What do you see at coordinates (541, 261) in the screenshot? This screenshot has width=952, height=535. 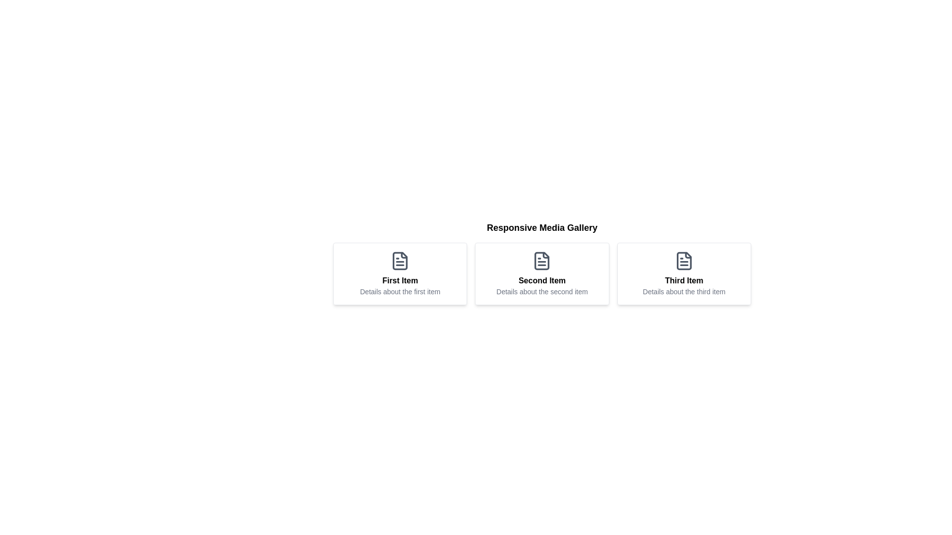 I see `the background of the file icon in the second center-aligned card under 'Responsive Media Gallery', labeled 'Second Item'` at bounding box center [541, 261].